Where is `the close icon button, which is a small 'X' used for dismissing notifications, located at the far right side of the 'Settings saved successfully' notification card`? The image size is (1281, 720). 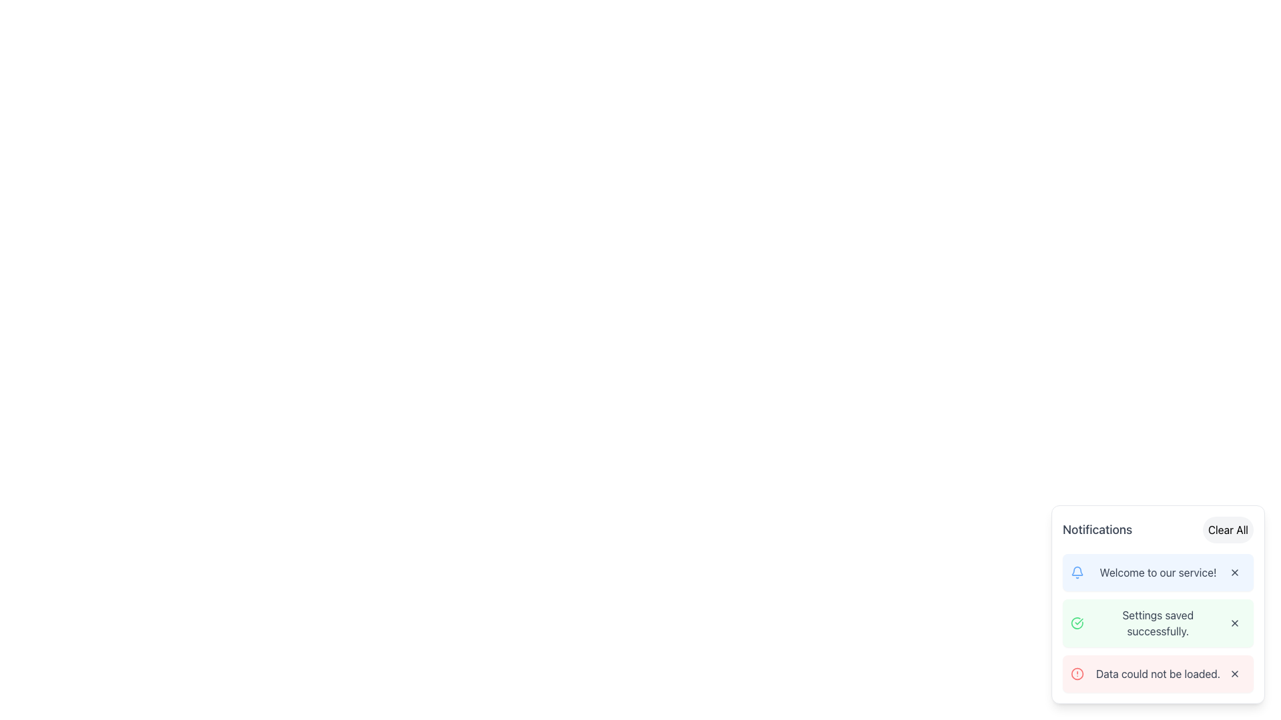 the close icon button, which is a small 'X' used for dismissing notifications, located at the far right side of the 'Settings saved successfully' notification card is located at coordinates (1234, 623).